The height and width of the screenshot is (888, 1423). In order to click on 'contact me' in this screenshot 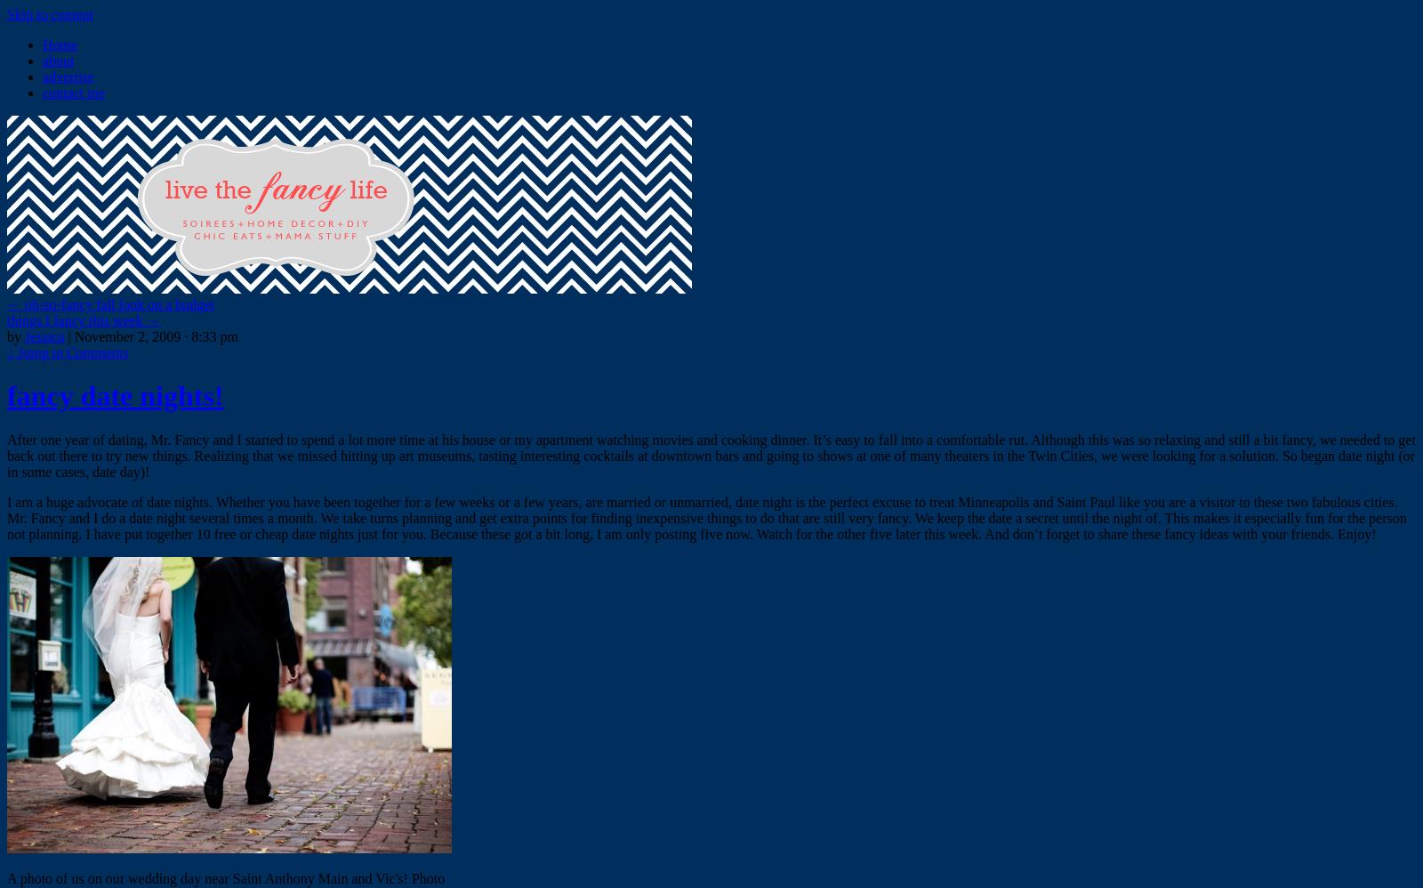, I will do `click(72, 93)`.